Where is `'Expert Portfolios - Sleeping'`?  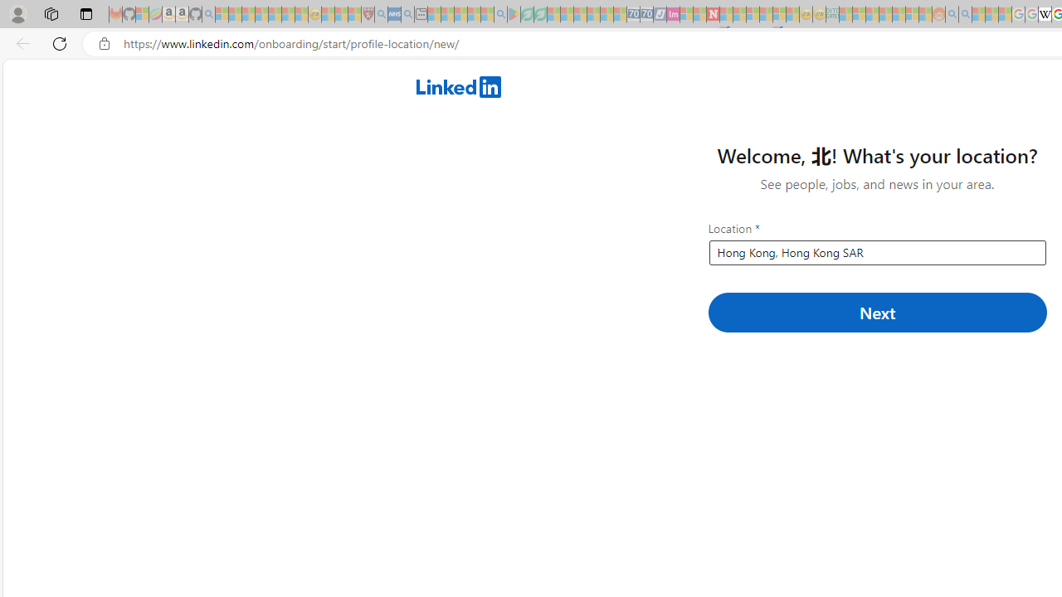 'Expert Portfolios - Sleeping' is located at coordinates (884, 14).